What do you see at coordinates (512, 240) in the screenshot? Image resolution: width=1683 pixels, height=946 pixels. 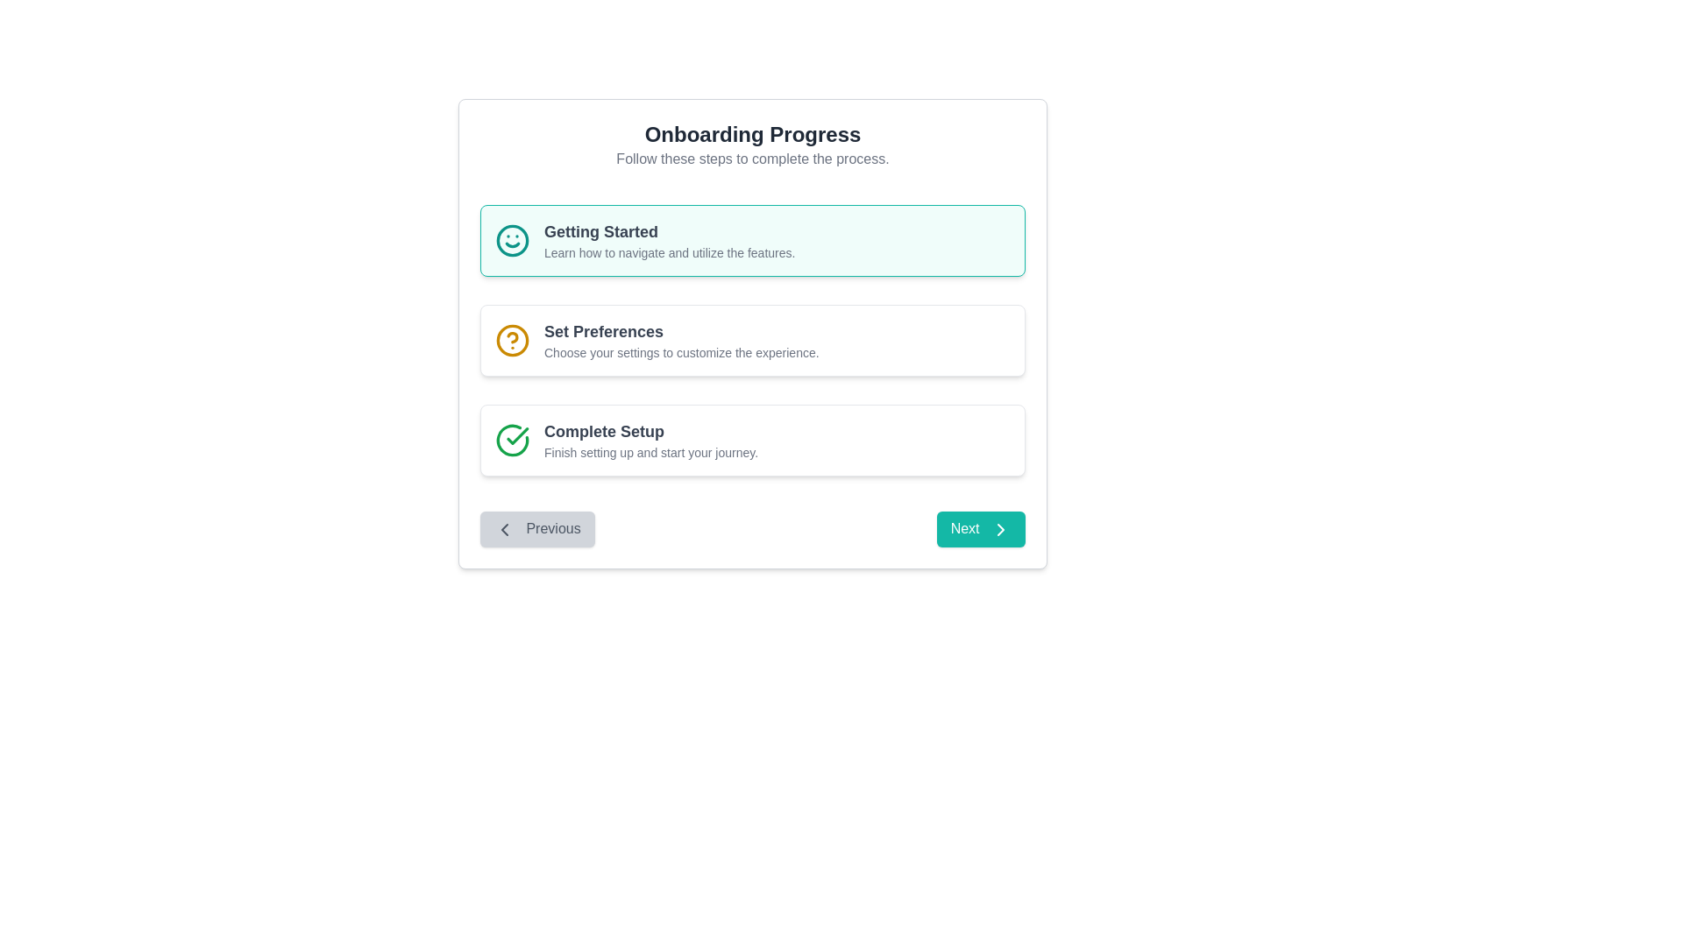 I see `the decorative icon representing the 'Getting Started' step, which is located to the left of the 'Getting Started' text in a vertically-aligned list of steps` at bounding box center [512, 240].